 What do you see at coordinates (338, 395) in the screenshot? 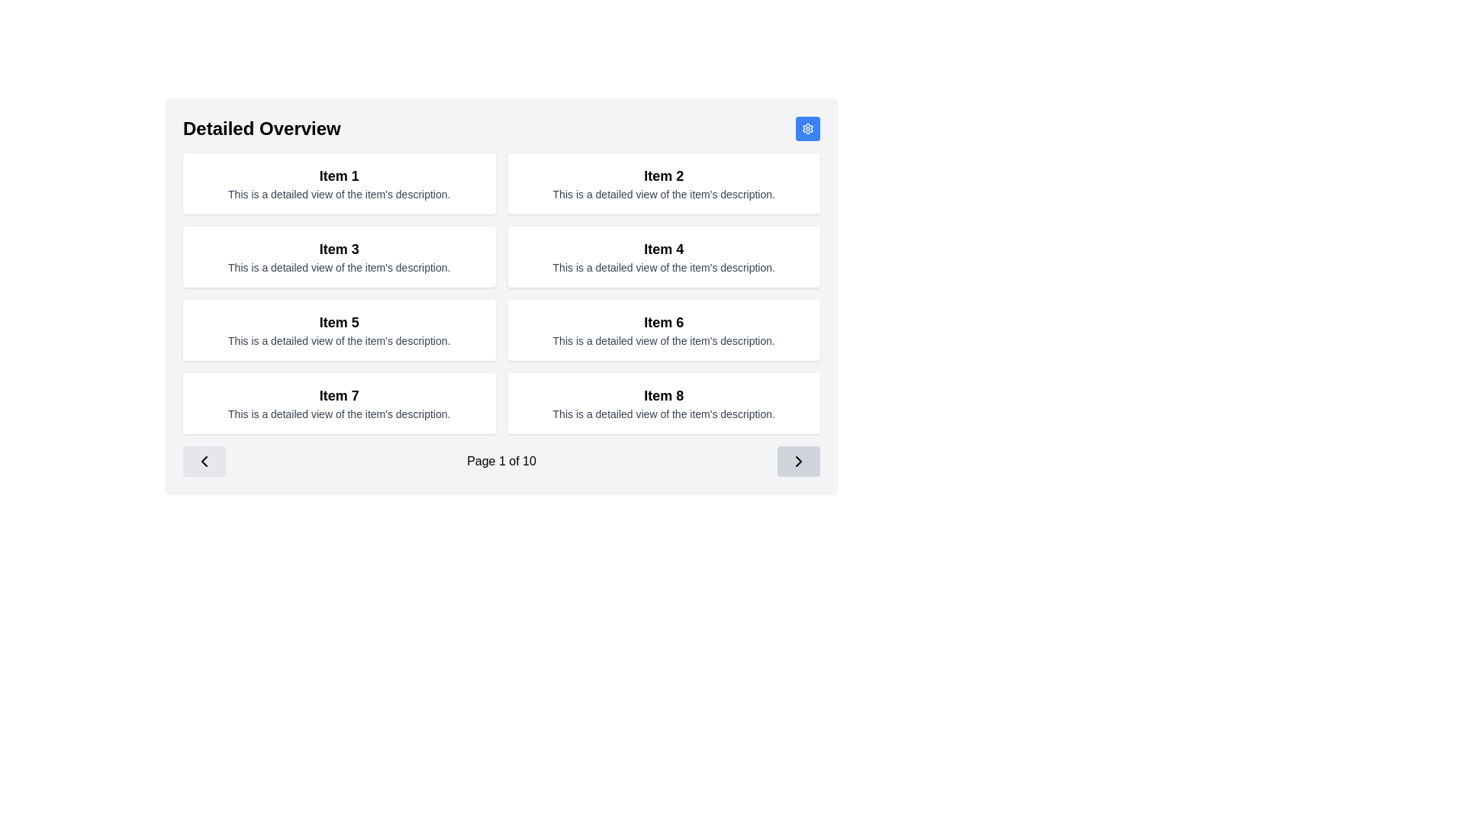
I see `the text label 'Item 7' which is a bold header located in the lower left corner of a card in a 2x4 grid layout` at bounding box center [338, 395].